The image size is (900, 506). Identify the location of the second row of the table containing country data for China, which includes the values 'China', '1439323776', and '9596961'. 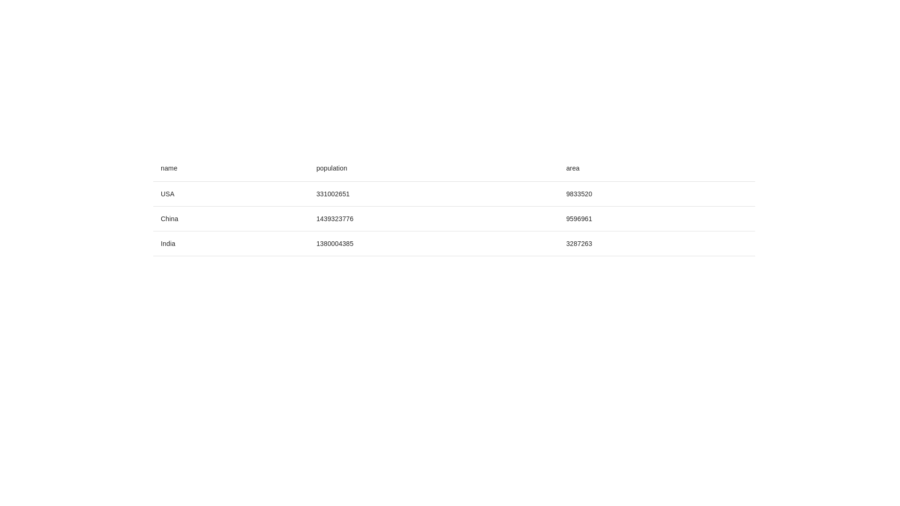
(454, 218).